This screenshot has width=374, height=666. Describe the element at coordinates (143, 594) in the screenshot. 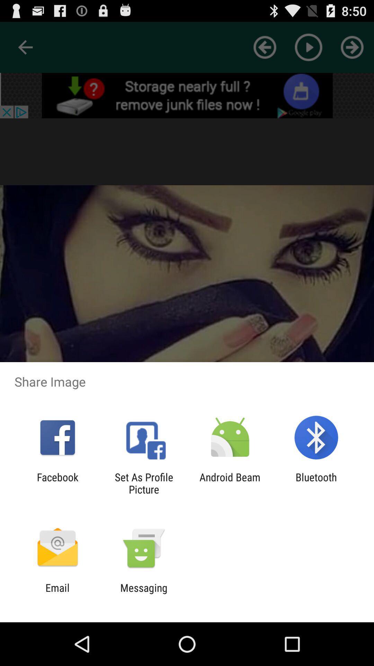

I see `the messaging` at that location.